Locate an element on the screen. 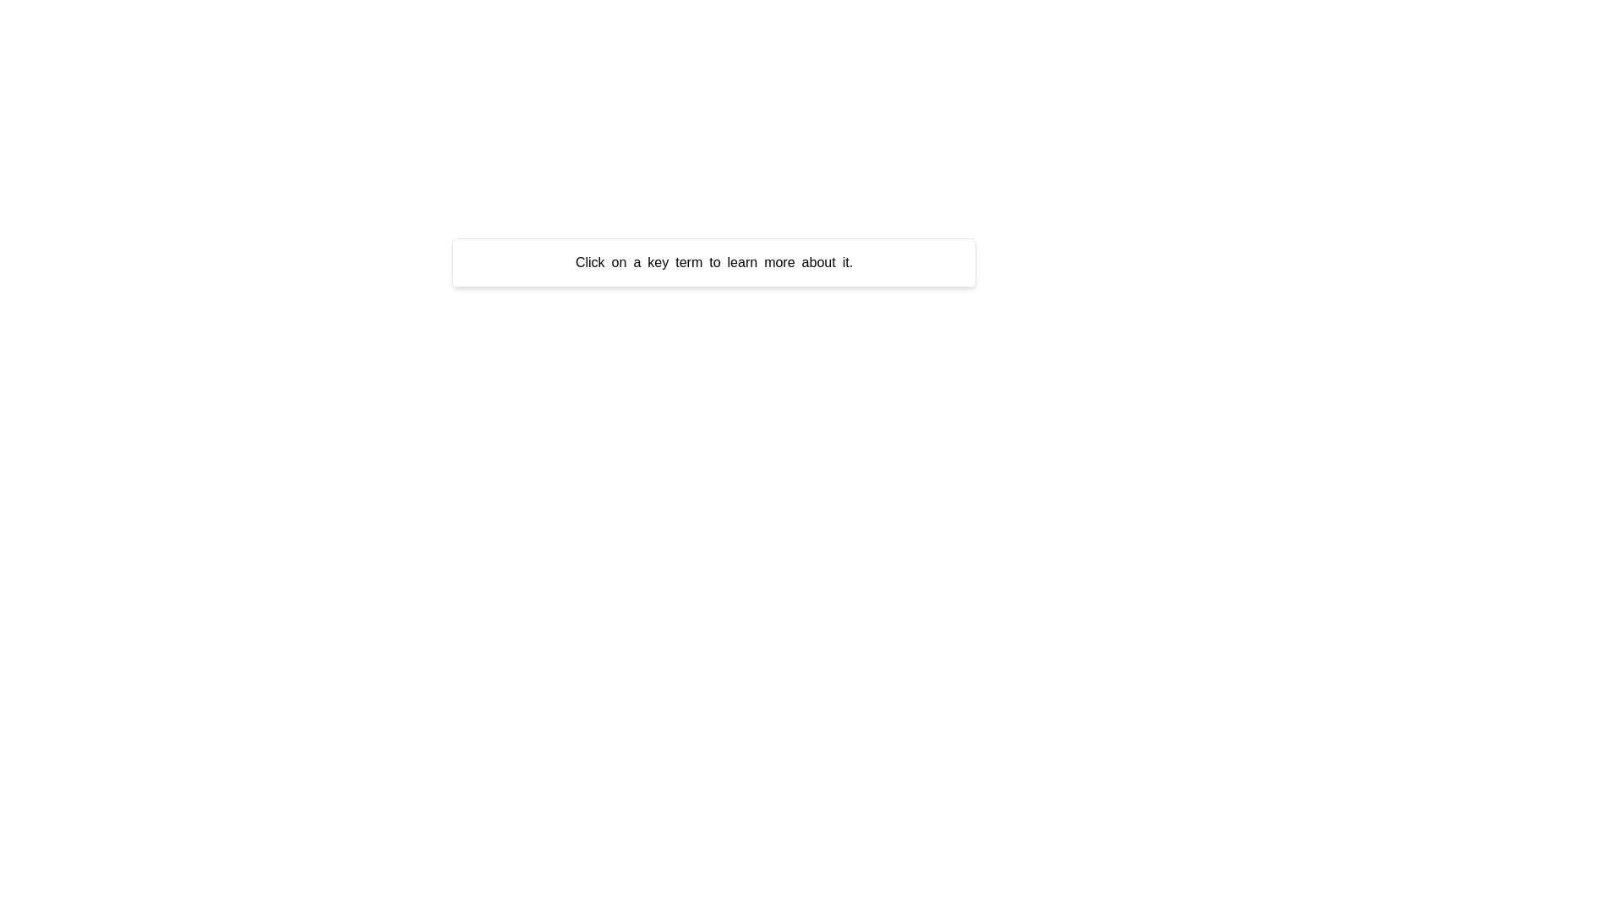 Image resolution: width=1623 pixels, height=913 pixels. the text span 'term' which is styled with padding and a hover background color change to yellow, located in the sentence 'Click on a key term to learn more about it.' is located at coordinates (689, 262).